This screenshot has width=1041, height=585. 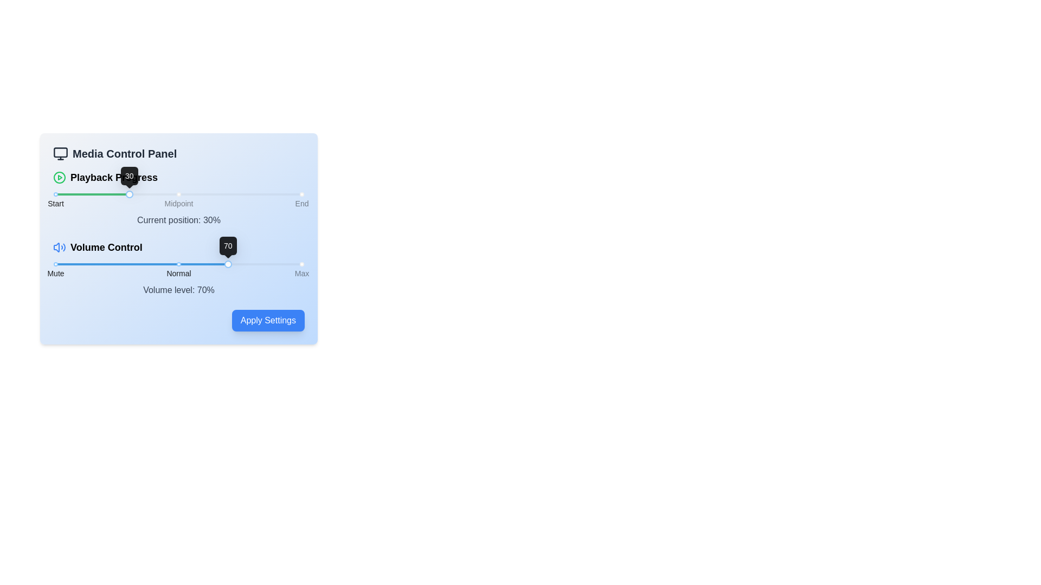 I want to click on the decorative 'Media Control Panel' icon located at the far left of the header, next to the text label 'Media Control Panel', so click(x=60, y=154).